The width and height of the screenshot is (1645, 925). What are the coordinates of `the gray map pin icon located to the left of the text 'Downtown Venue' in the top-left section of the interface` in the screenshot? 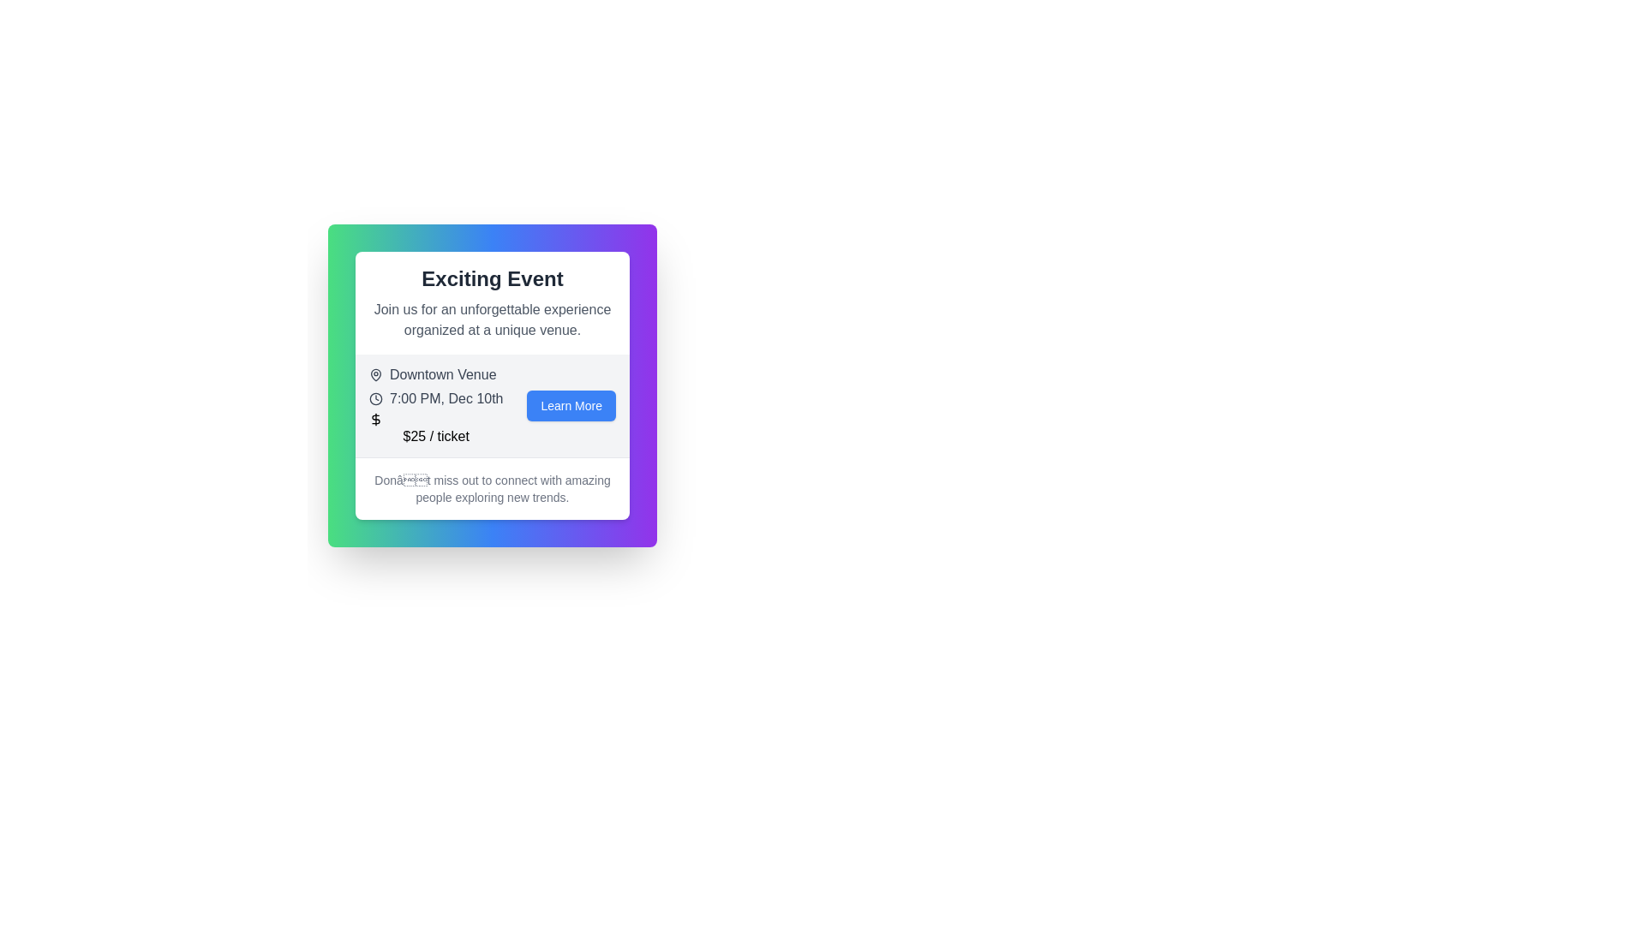 It's located at (374, 374).